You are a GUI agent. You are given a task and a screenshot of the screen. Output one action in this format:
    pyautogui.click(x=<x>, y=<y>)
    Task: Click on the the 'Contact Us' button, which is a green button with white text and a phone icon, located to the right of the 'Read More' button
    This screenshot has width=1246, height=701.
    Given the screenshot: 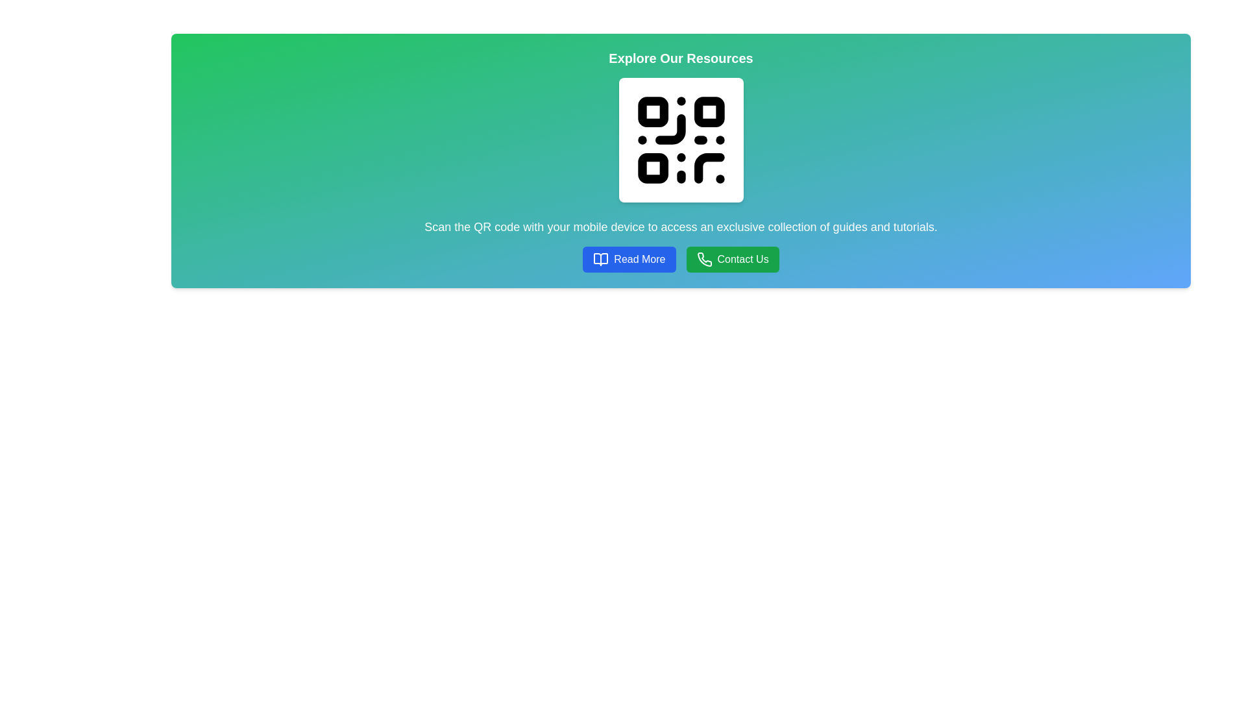 What is the action you would take?
    pyautogui.click(x=733, y=260)
    